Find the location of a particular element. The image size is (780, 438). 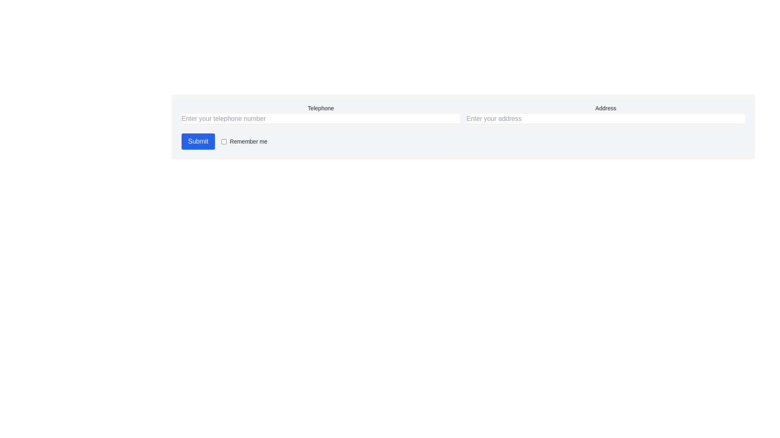

the Text Label containing the word 'Telephone', which is positioned above the input field for entering a telephone number is located at coordinates (320, 107).